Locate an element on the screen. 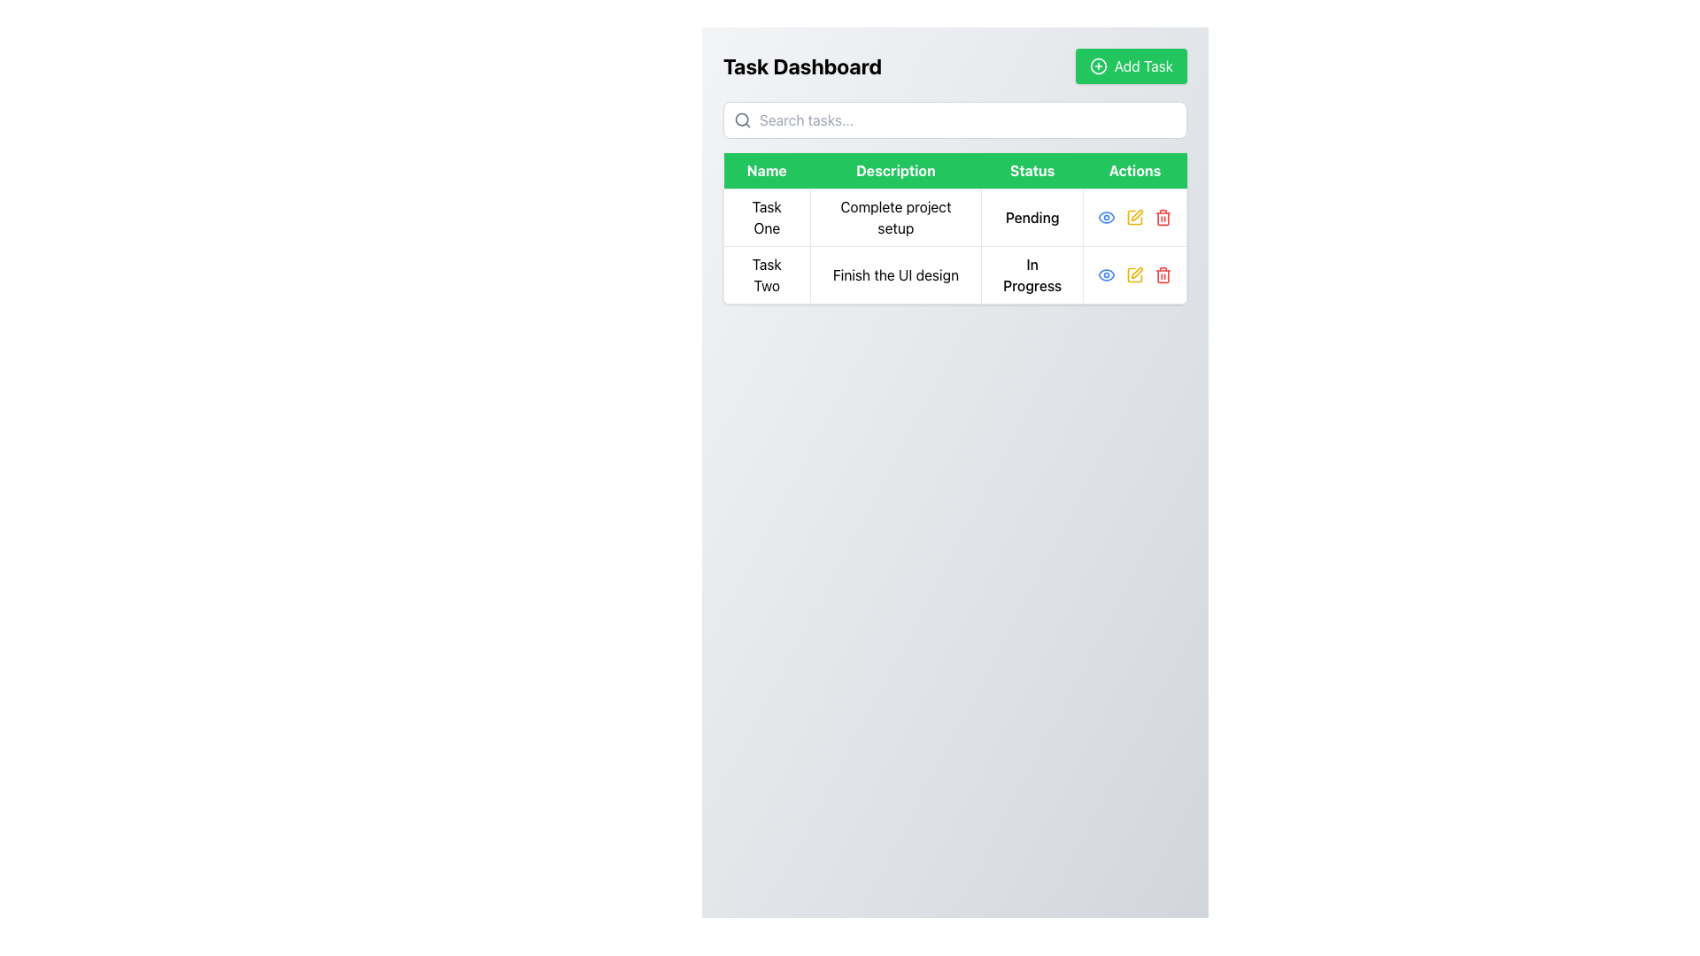 The image size is (1700, 956). the text label displaying 'Pending' in the 'Status' column of the first row of the task dashboard table, which is colored red to indicate a pending task is located at coordinates (1032, 217).